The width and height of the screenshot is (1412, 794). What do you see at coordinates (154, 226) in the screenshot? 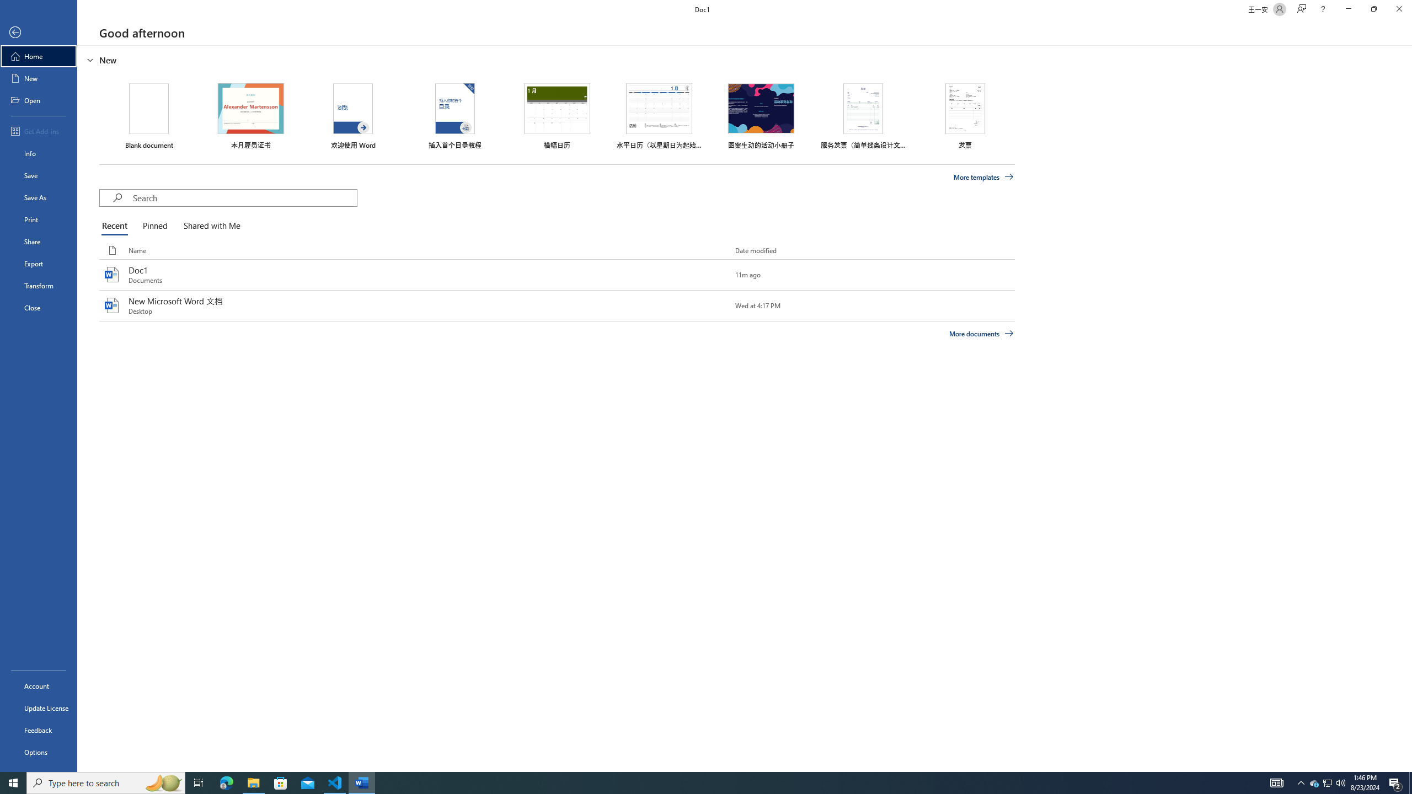
I see `'Pinned'` at bounding box center [154, 226].